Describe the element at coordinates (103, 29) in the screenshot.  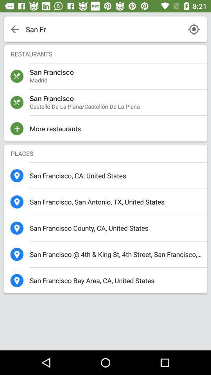
I see `icon above restaurants item` at that location.